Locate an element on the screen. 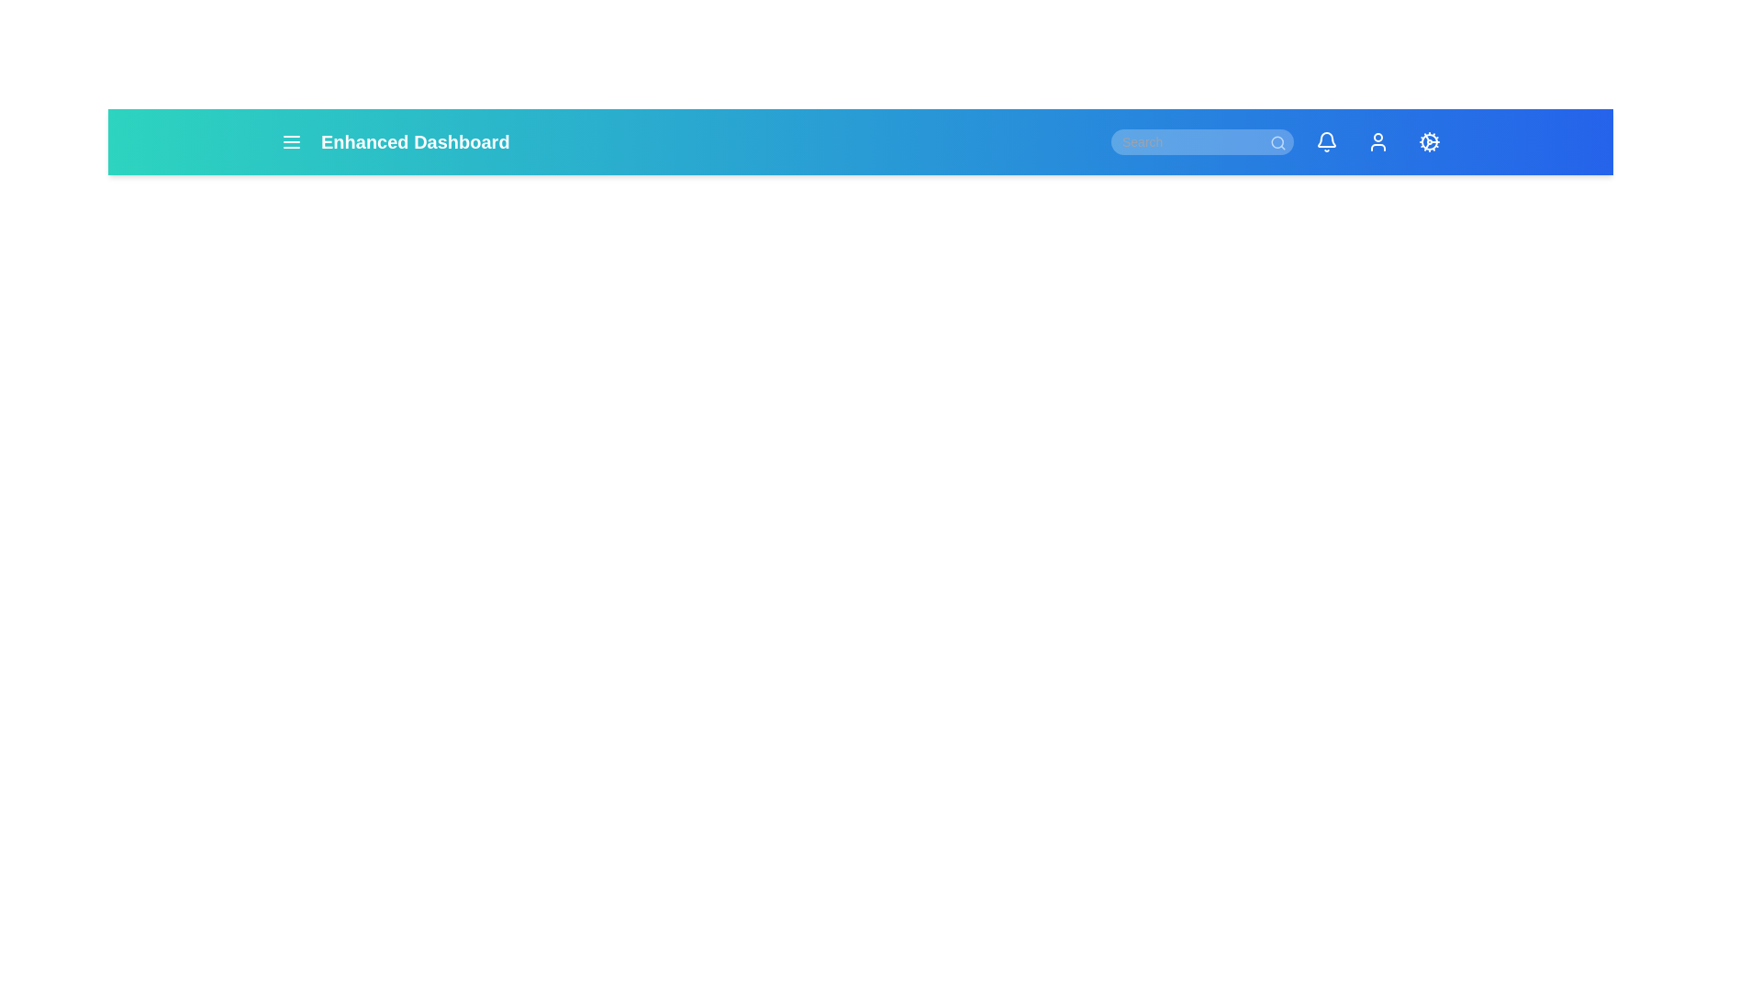 Image resolution: width=1762 pixels, height=991 pixels. the icon with label Settings to observe the tooltip or effect is located at coordinates (1429, 140).